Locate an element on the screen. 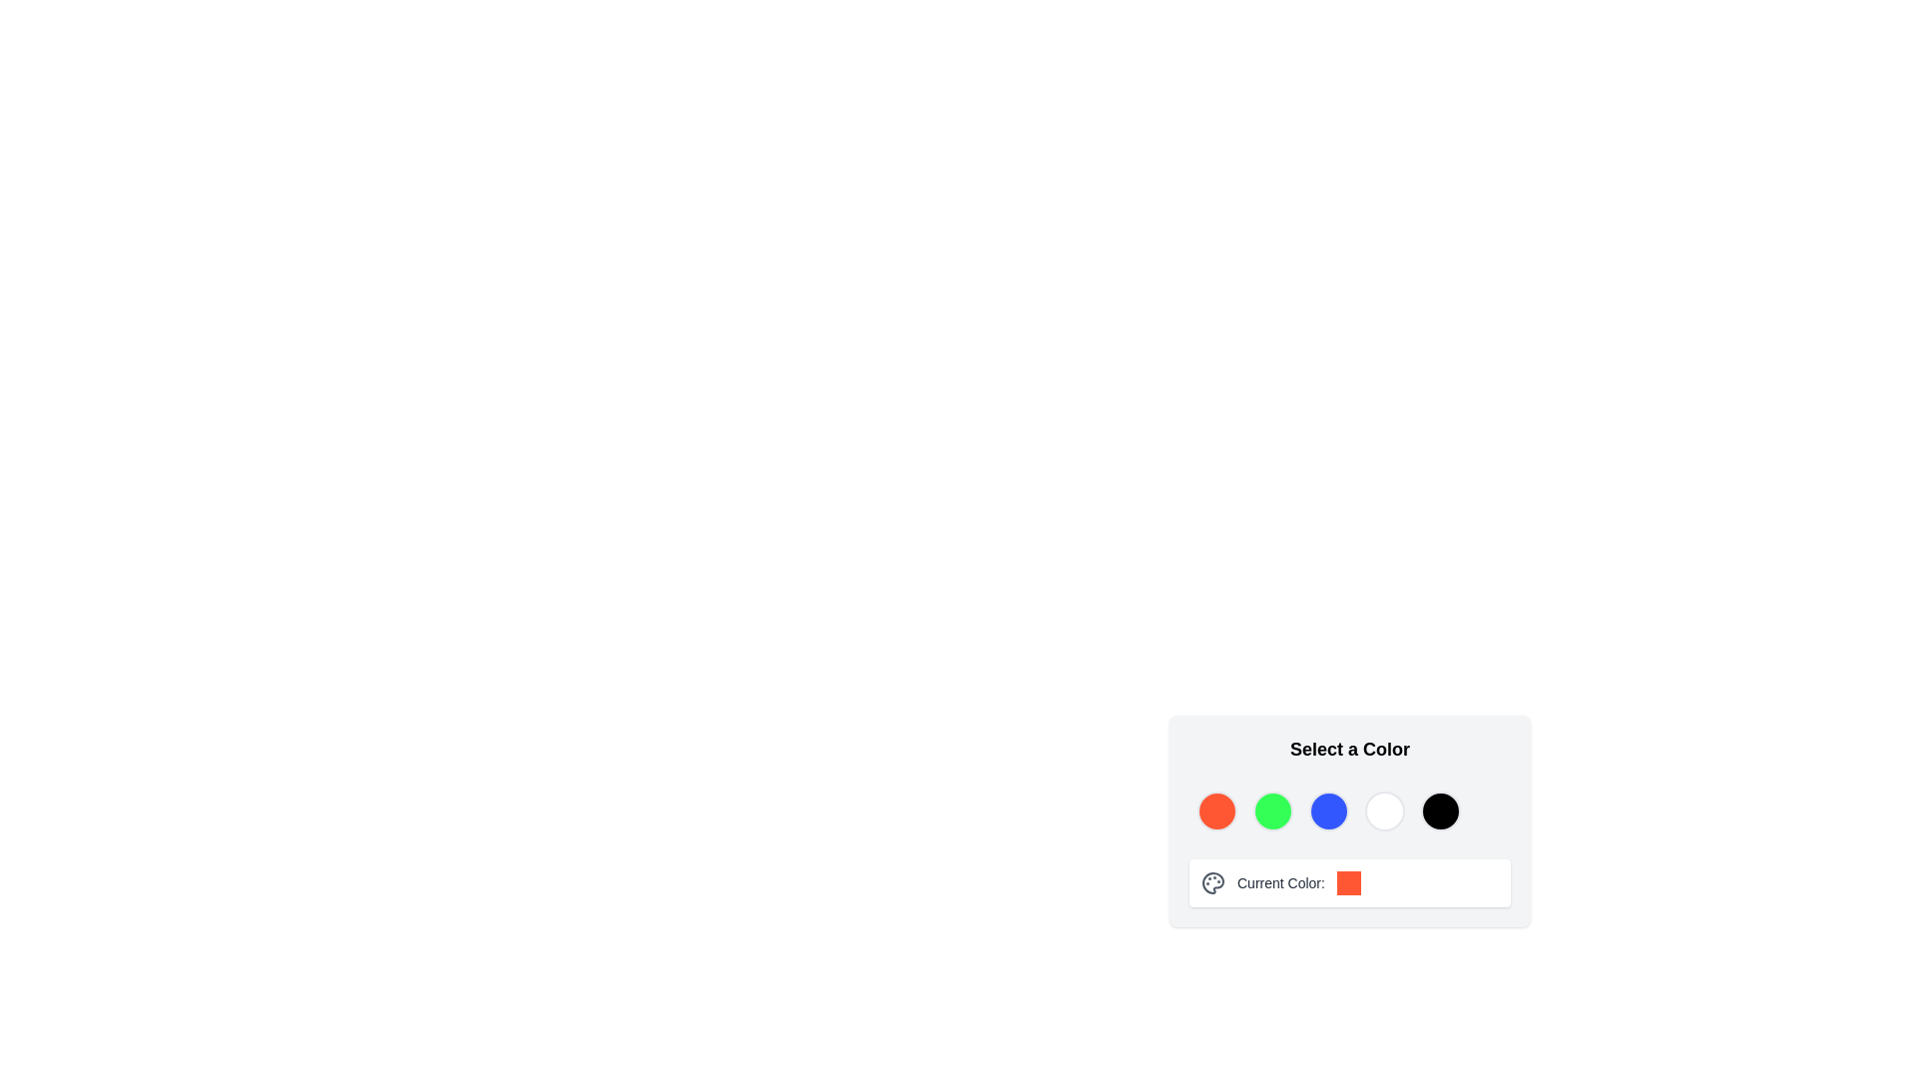 This screenshot has height=1078, width=1916. the vibrant orange-red Color preview box, which is a square measuring 24 x 24 pixels and located on the far right within the 'Current Color' group is located at coordinates (1348, 881).